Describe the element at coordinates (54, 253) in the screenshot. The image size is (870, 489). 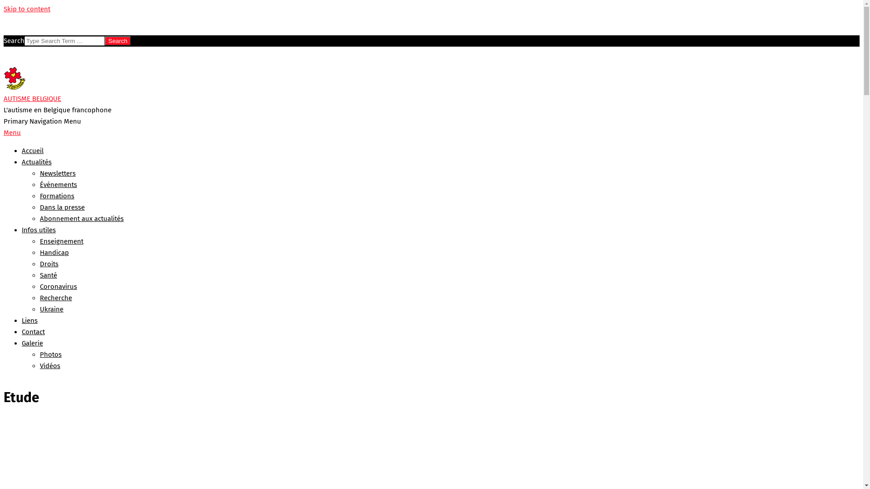
I see `'Handicap'` at that location.